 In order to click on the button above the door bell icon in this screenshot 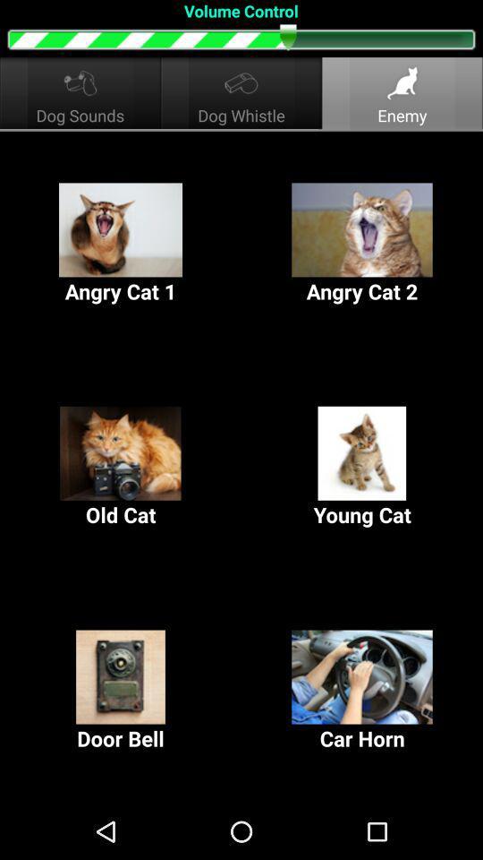, I will do `click(362, 467)`.